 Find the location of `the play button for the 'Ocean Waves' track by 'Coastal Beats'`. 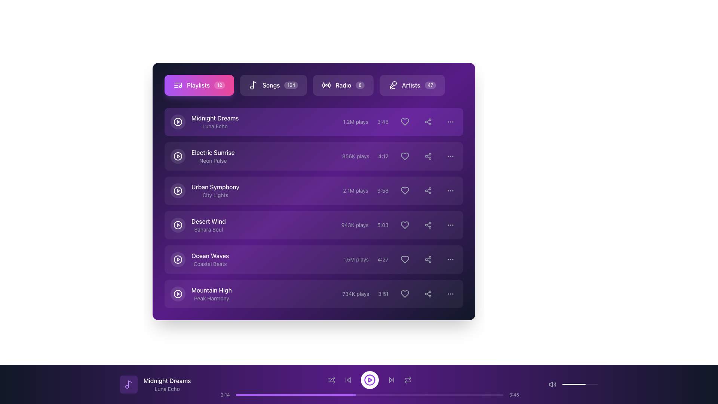

the play button for the 'Ocean Waves' track by 'Coastal Beats' is located at coordinates (177, 259).